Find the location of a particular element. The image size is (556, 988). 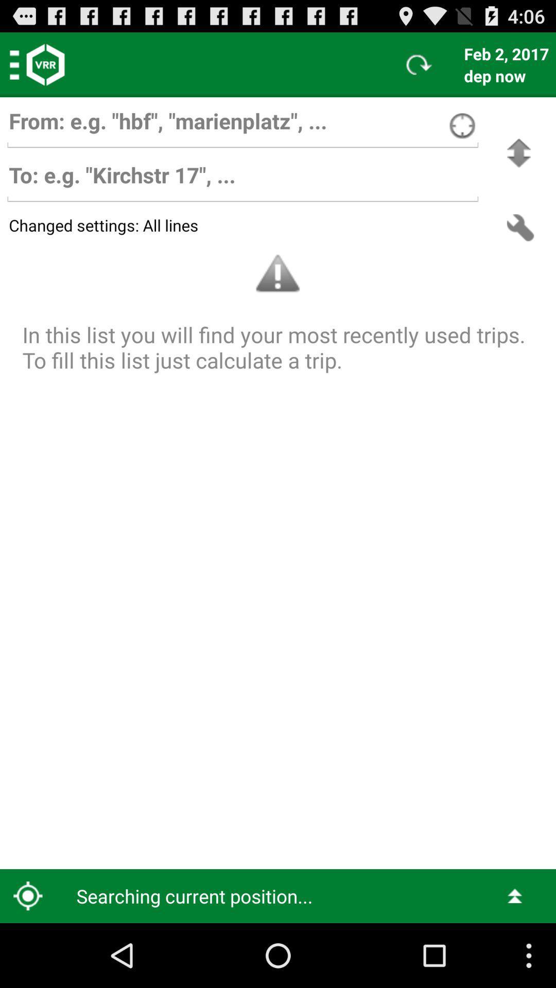

the icon above the changed settings all item is located at coordinates (518, 152).